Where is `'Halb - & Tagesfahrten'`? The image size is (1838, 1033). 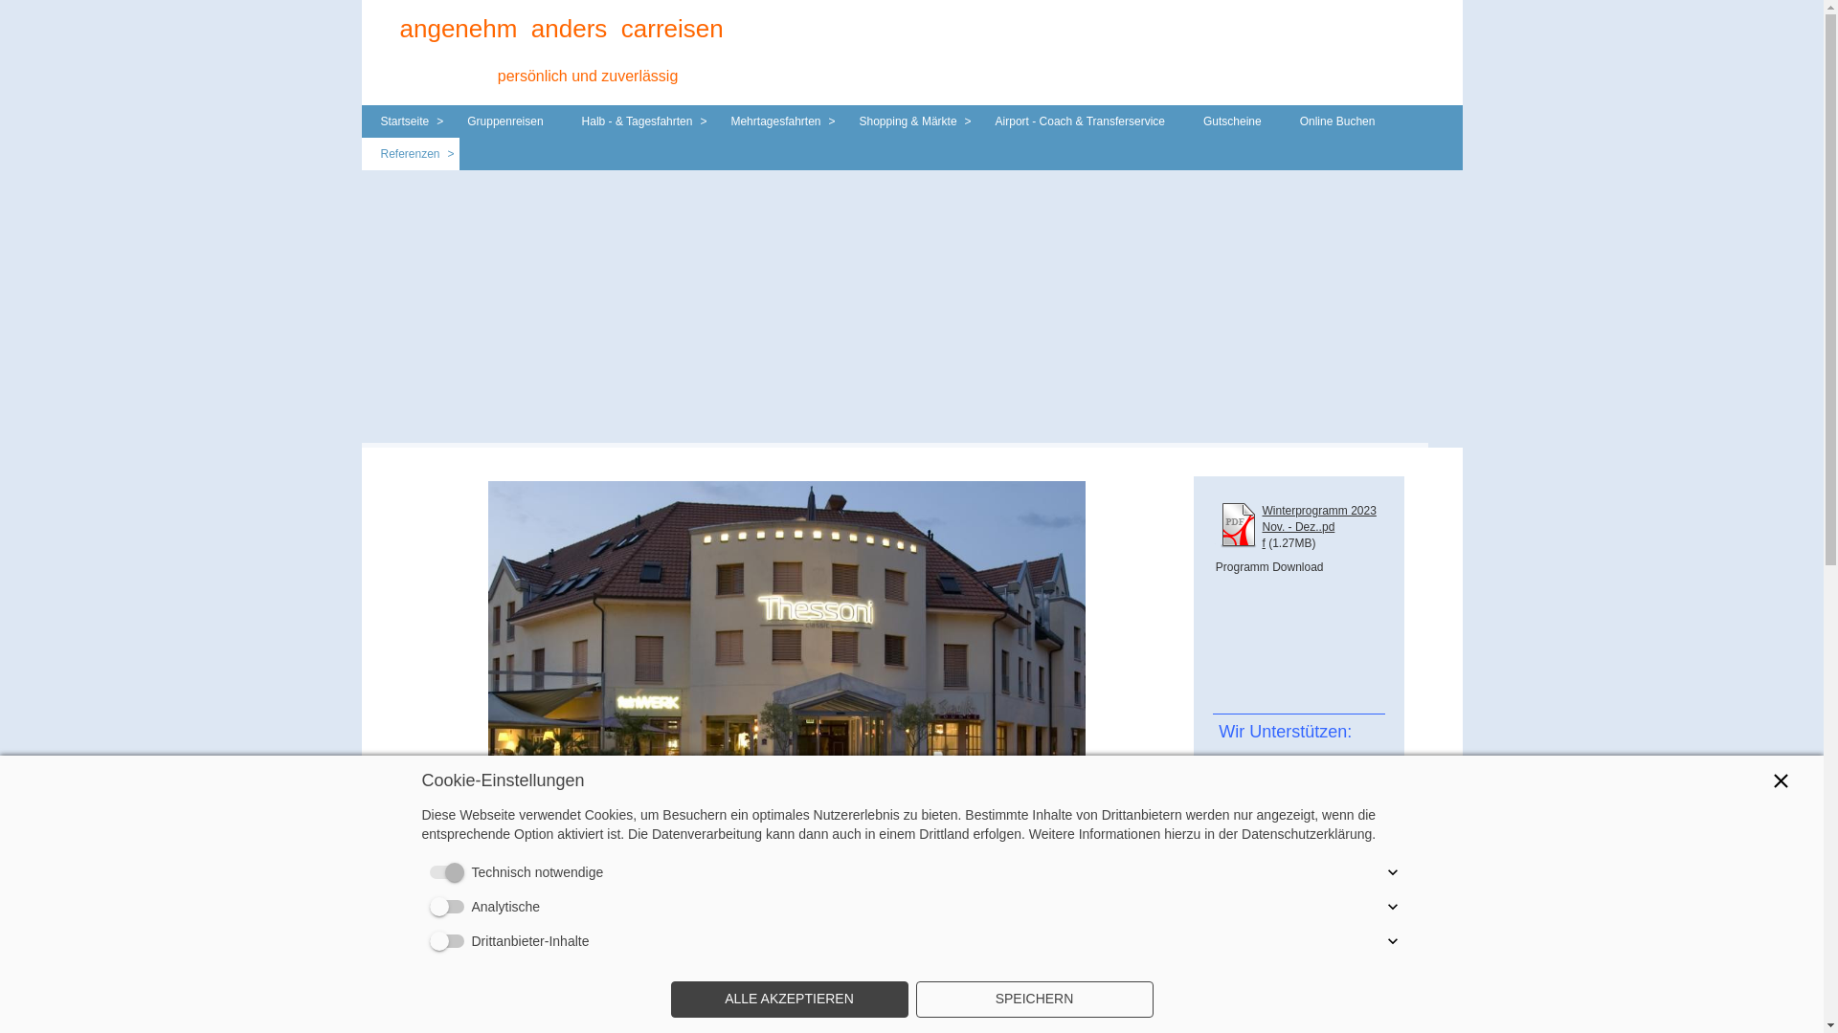 'Halb - & Tagesfahrten' is located at coordinates (638, 121).